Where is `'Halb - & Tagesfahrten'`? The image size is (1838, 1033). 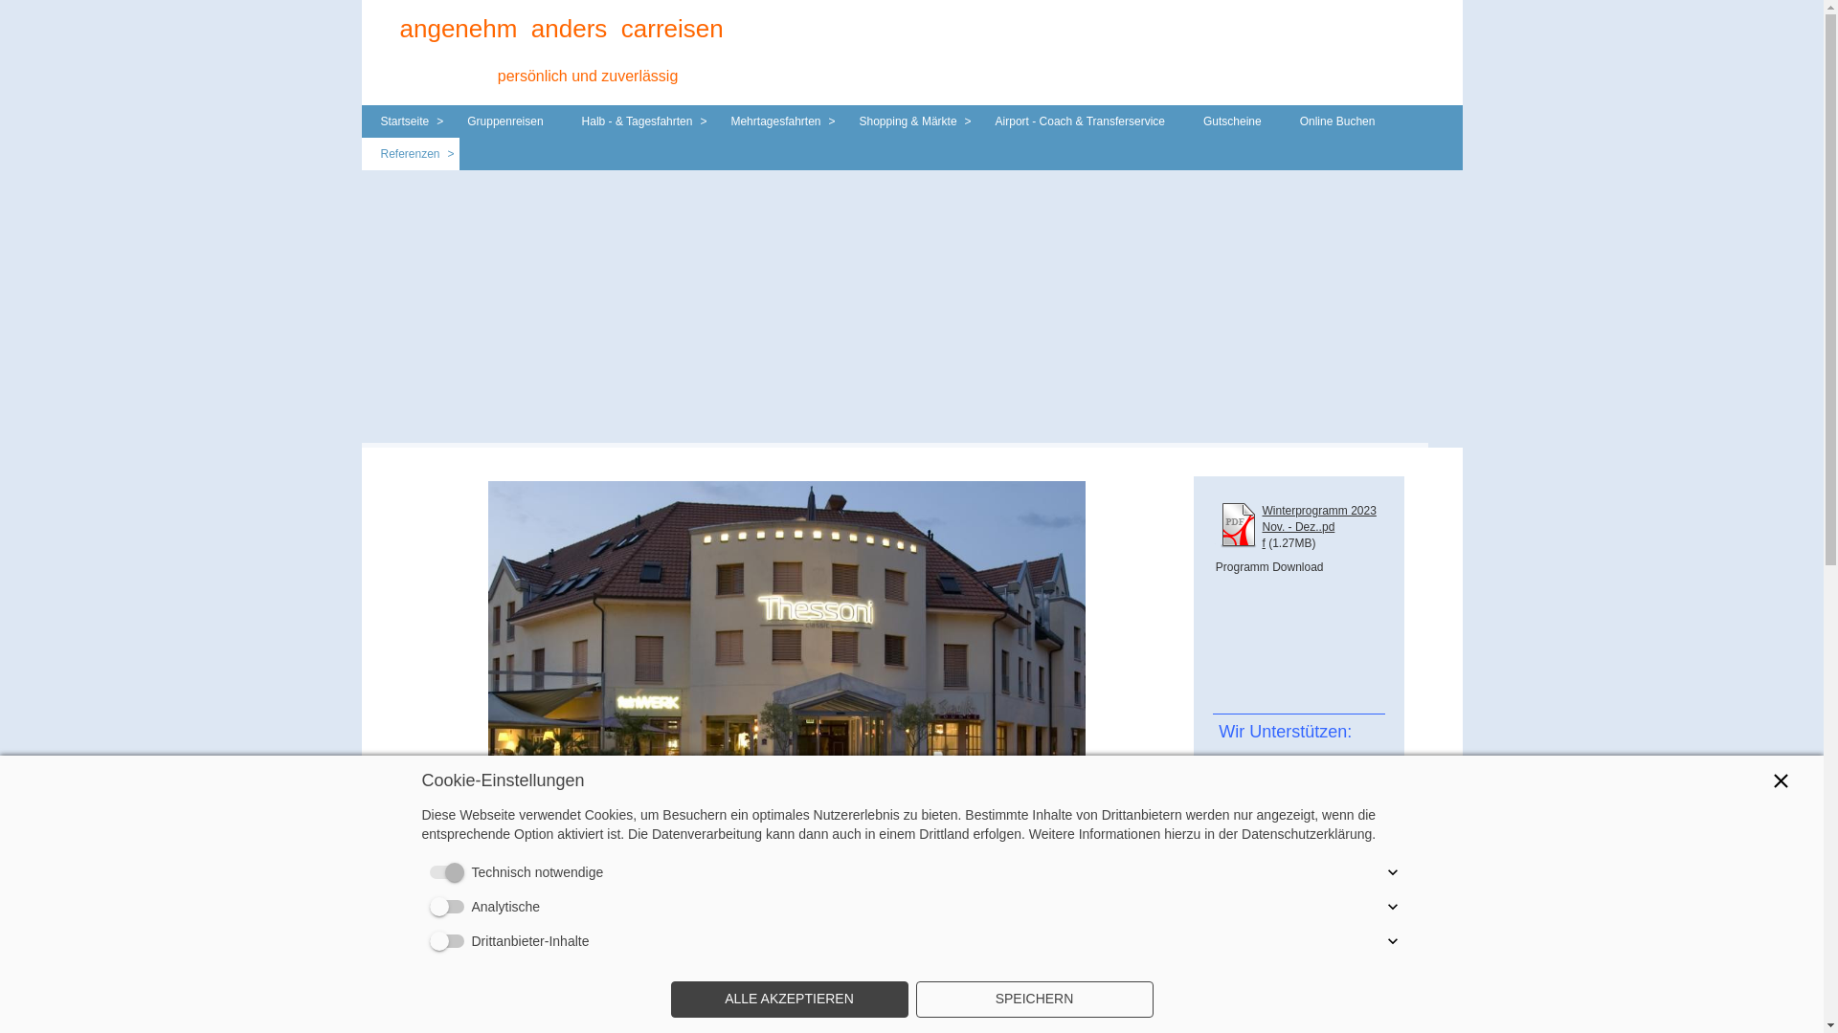 'Halb - & Tagesfahrten' is located at coordinates (638, 121).